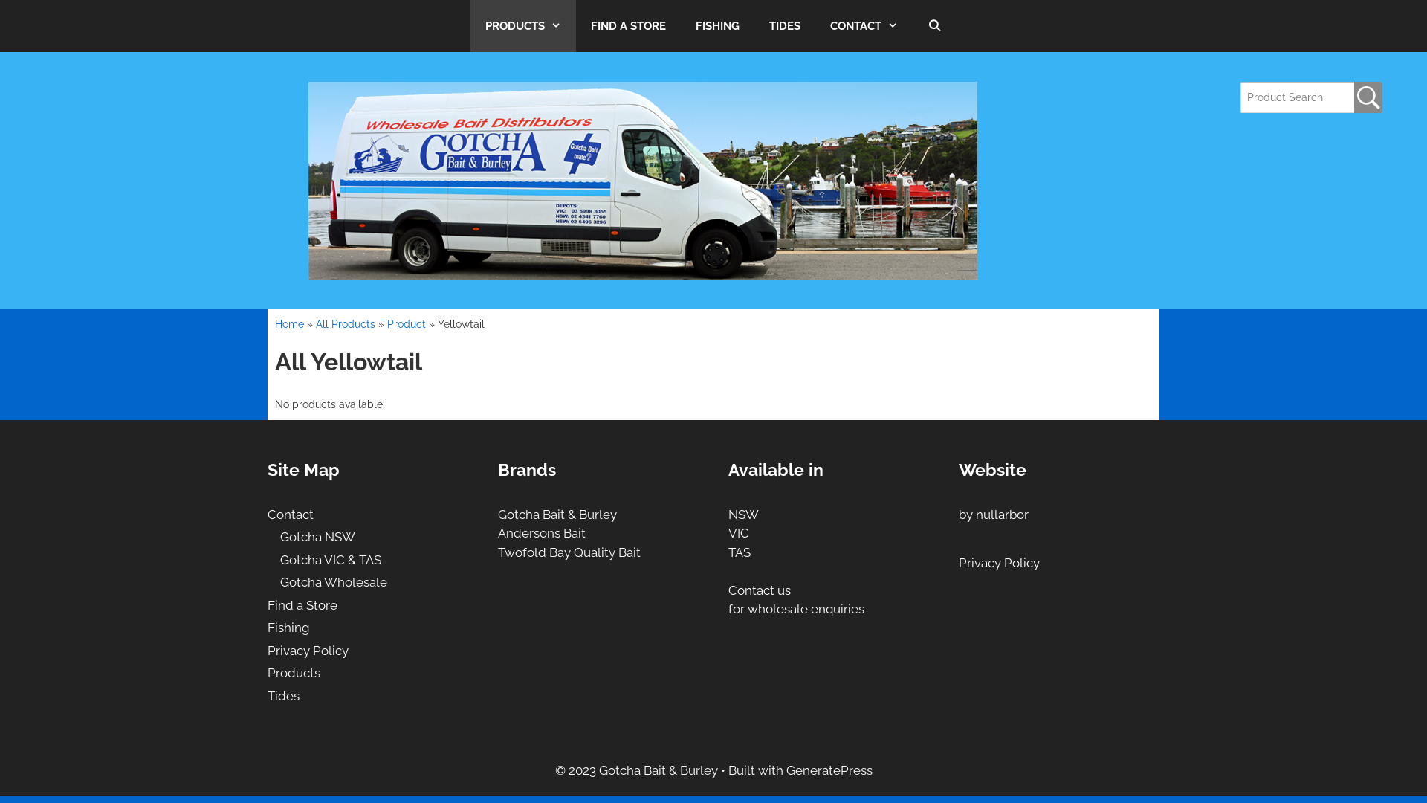  I want to click on 'nullarbor', so click(976, 513).